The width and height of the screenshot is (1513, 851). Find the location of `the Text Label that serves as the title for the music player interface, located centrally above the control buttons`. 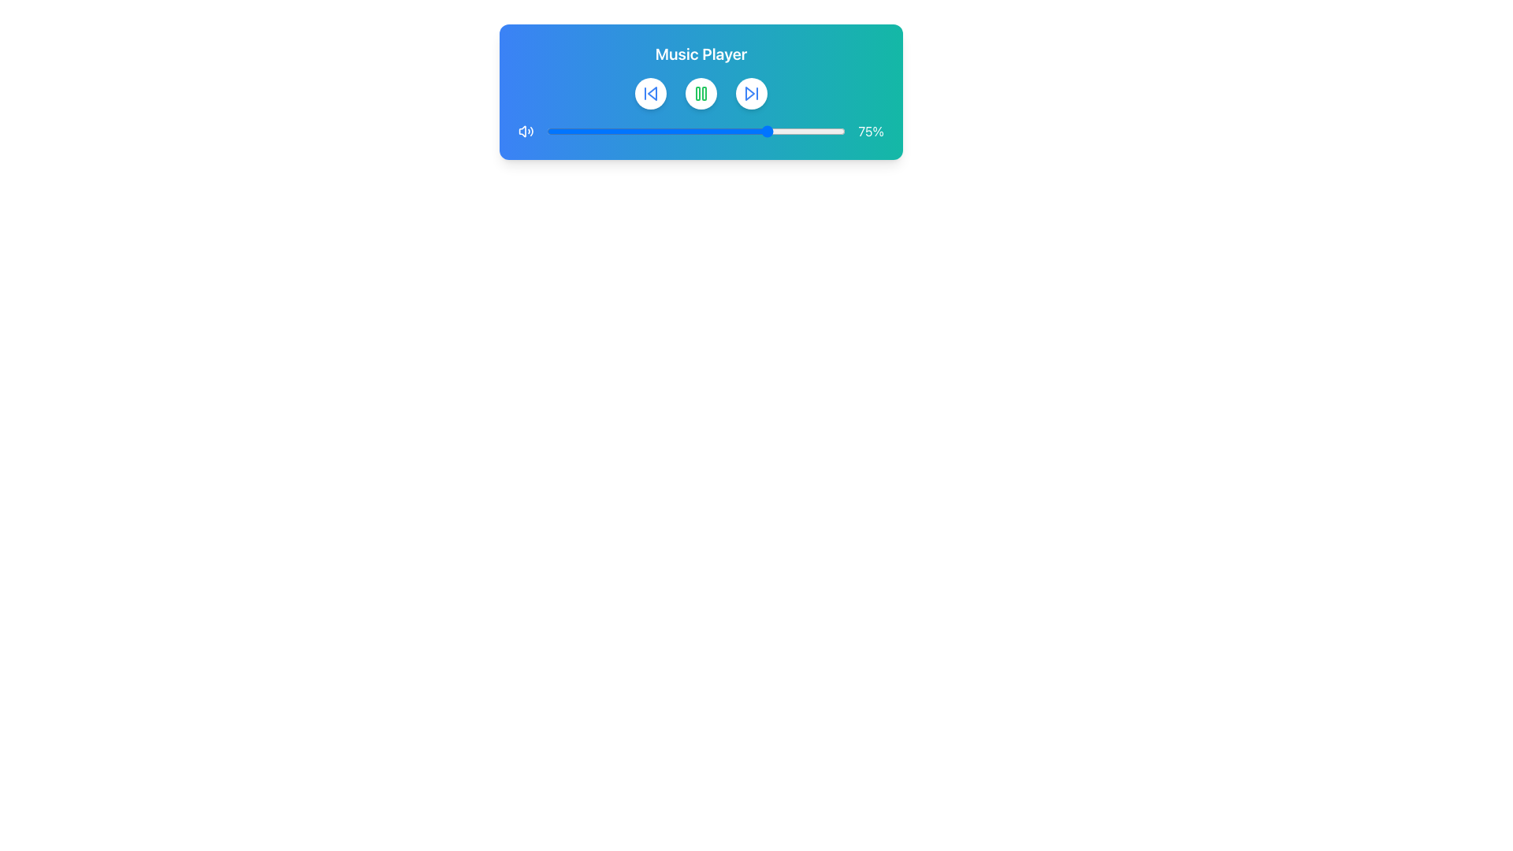

the Text Label that serves as the title for the music player interface, located centrally above the control buttons is located at coordinates (700, 54).